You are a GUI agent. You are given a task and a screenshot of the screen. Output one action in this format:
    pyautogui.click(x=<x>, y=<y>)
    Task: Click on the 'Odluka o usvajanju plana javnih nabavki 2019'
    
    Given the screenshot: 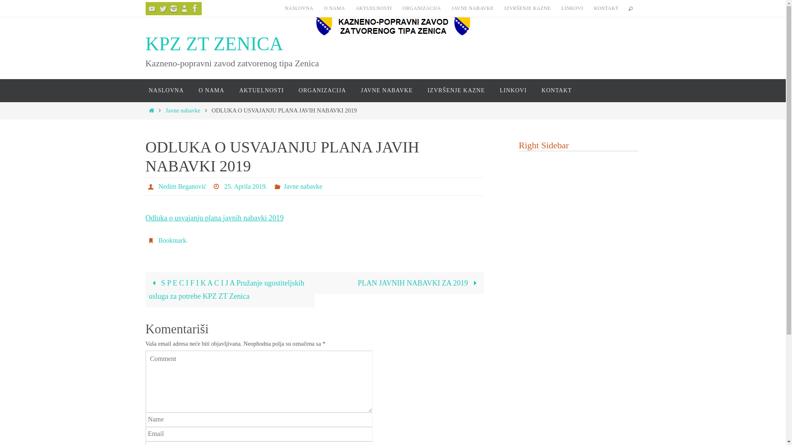 What is the action you would take?
    pyautogui.click(x=214, y=217)
    